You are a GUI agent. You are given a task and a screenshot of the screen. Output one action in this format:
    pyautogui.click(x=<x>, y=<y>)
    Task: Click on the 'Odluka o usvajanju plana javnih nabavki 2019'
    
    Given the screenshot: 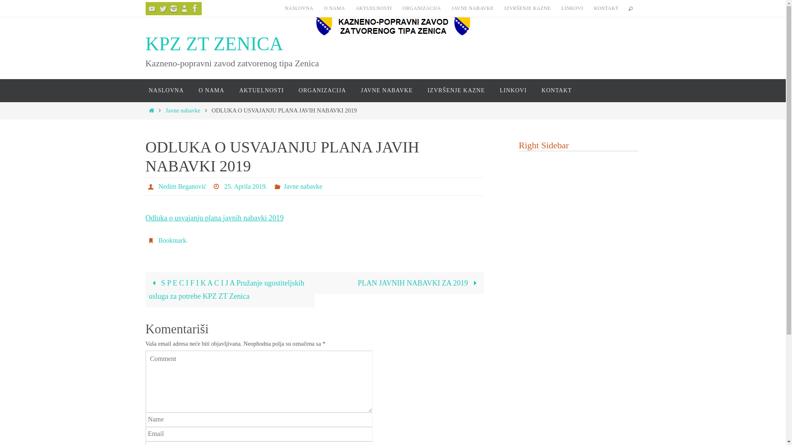 What is the action you would take?
    pyautogui.click(x=214, y=217)
    